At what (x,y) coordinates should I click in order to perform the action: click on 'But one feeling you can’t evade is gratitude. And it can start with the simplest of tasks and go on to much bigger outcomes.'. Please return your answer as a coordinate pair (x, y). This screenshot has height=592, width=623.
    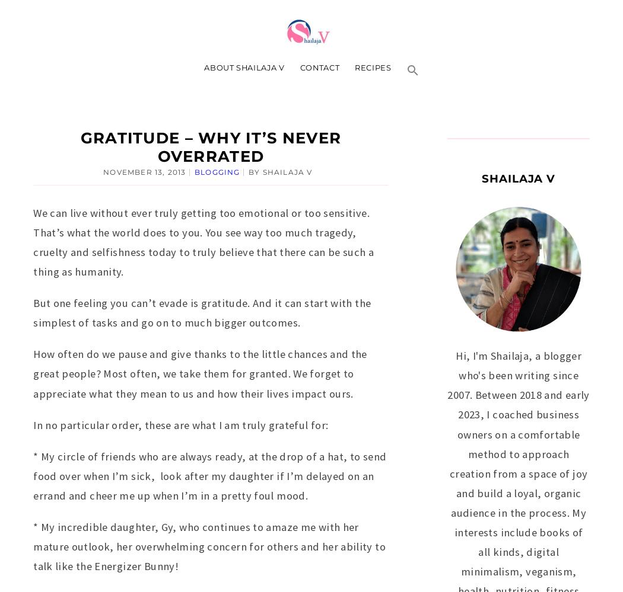
    Looking at the image, I should click on (201, 312).